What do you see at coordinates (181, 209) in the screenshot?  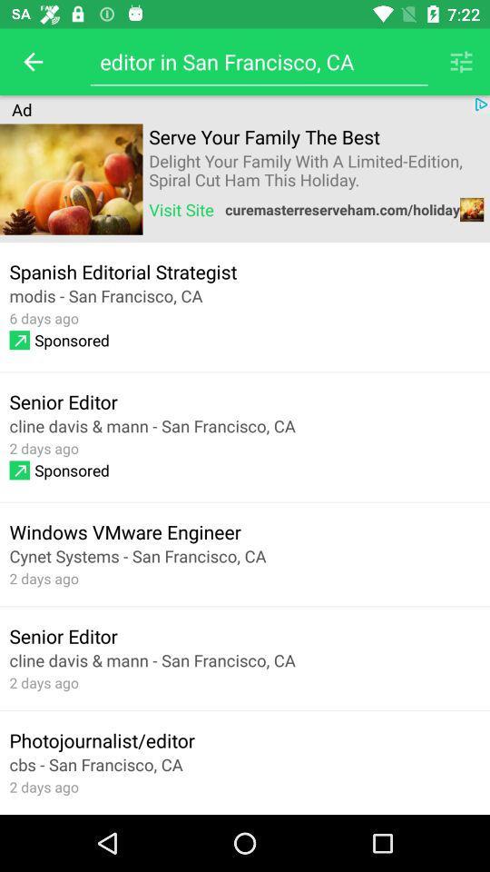 I see `icon below delight your family item` at bounding box center [181, 209].